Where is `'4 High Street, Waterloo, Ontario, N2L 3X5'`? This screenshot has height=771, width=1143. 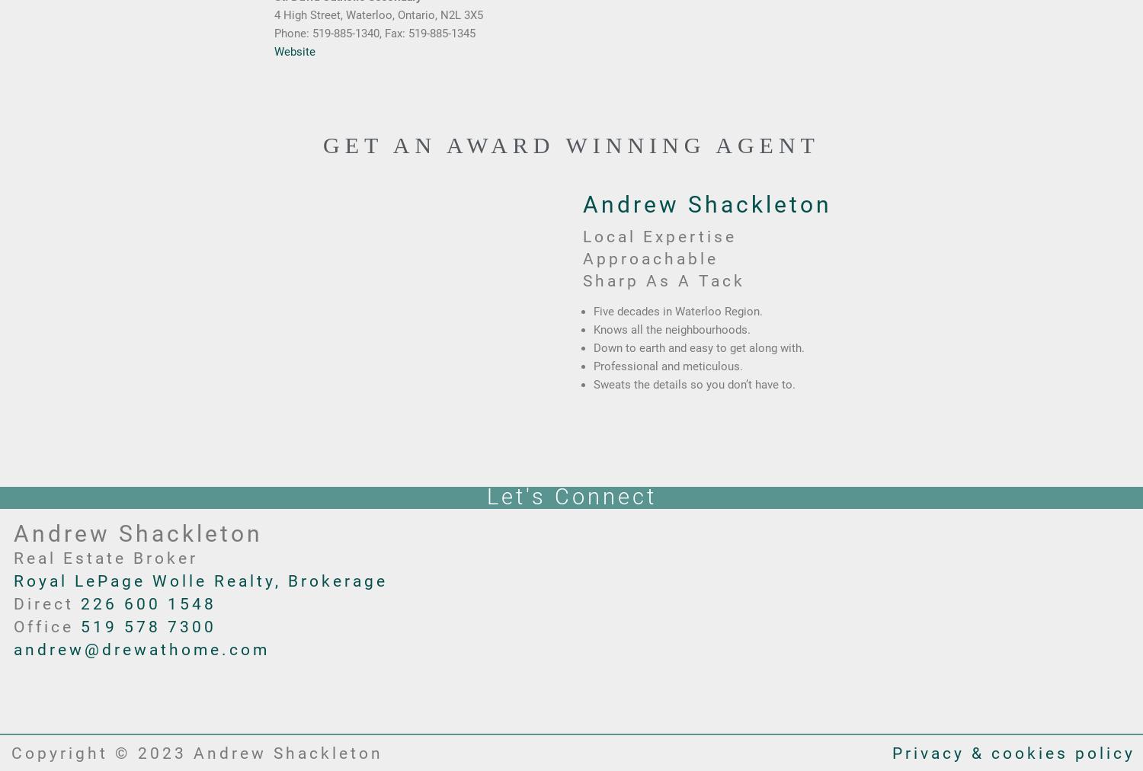
'4 High Street, Waterloo, Ontario, N2L 3X5' is located at coordinates (274, 14).